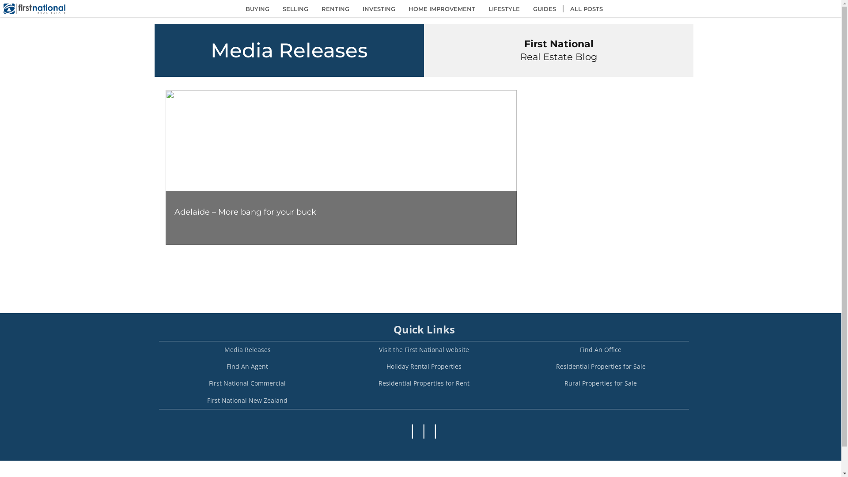 The width and height of the screenshot is (848, 477). I want to click on 'Rural Properties for Sale', so click(600, 382).